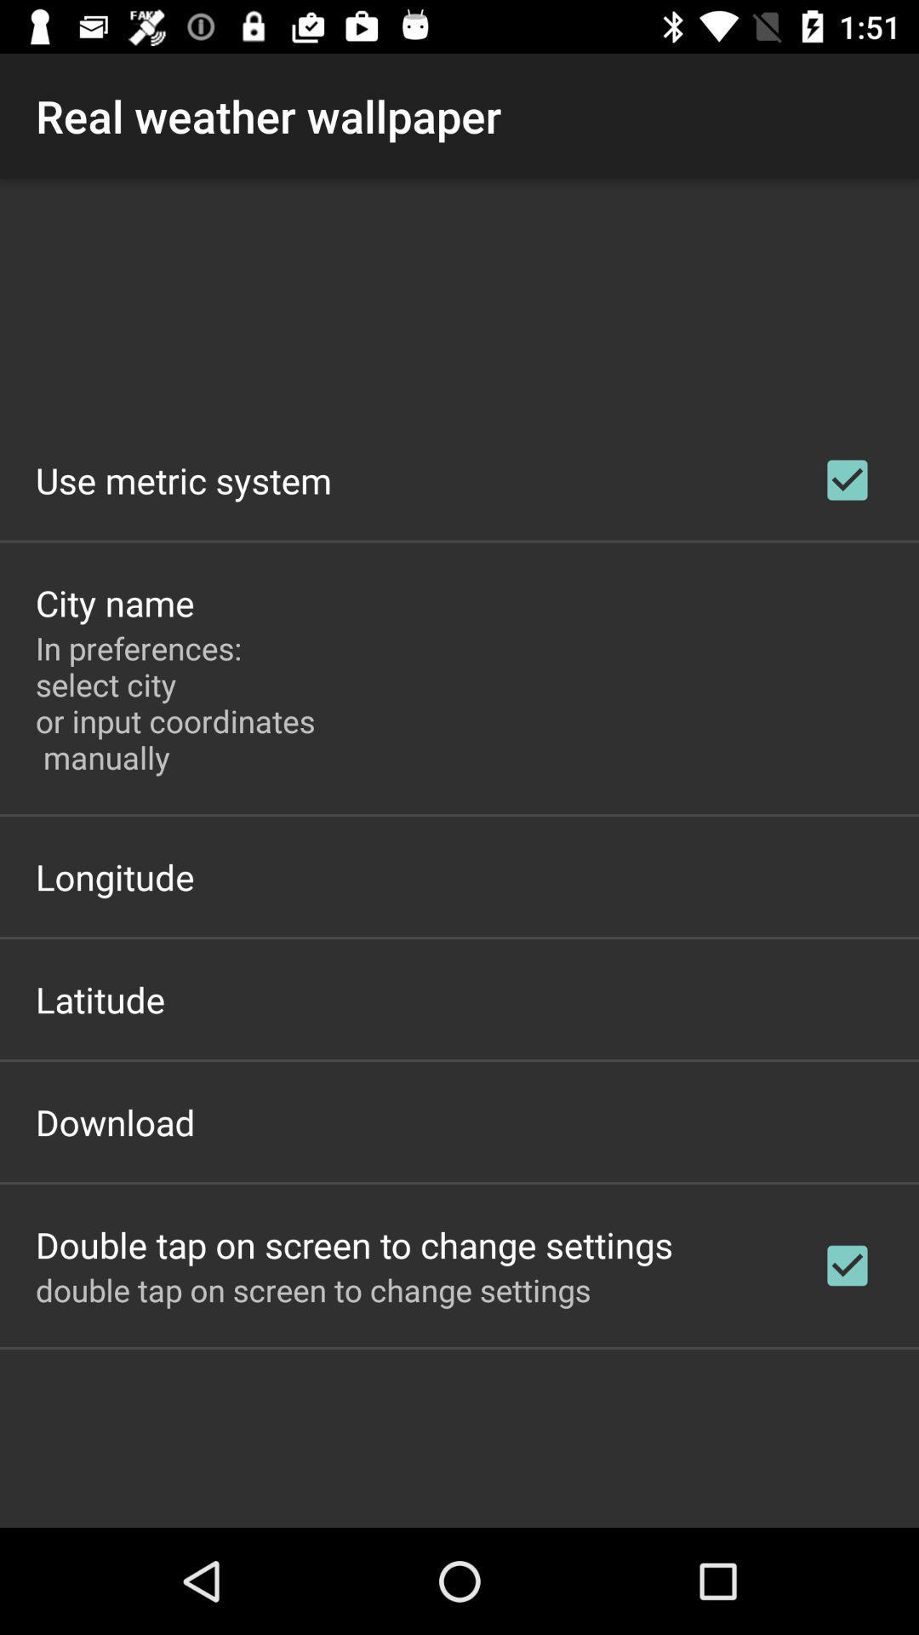 The width and height of the screenshot is (919, 1635). Describe the element at coordinates (184, 479) in the screenshot. I see `the use metric system item` at that location.